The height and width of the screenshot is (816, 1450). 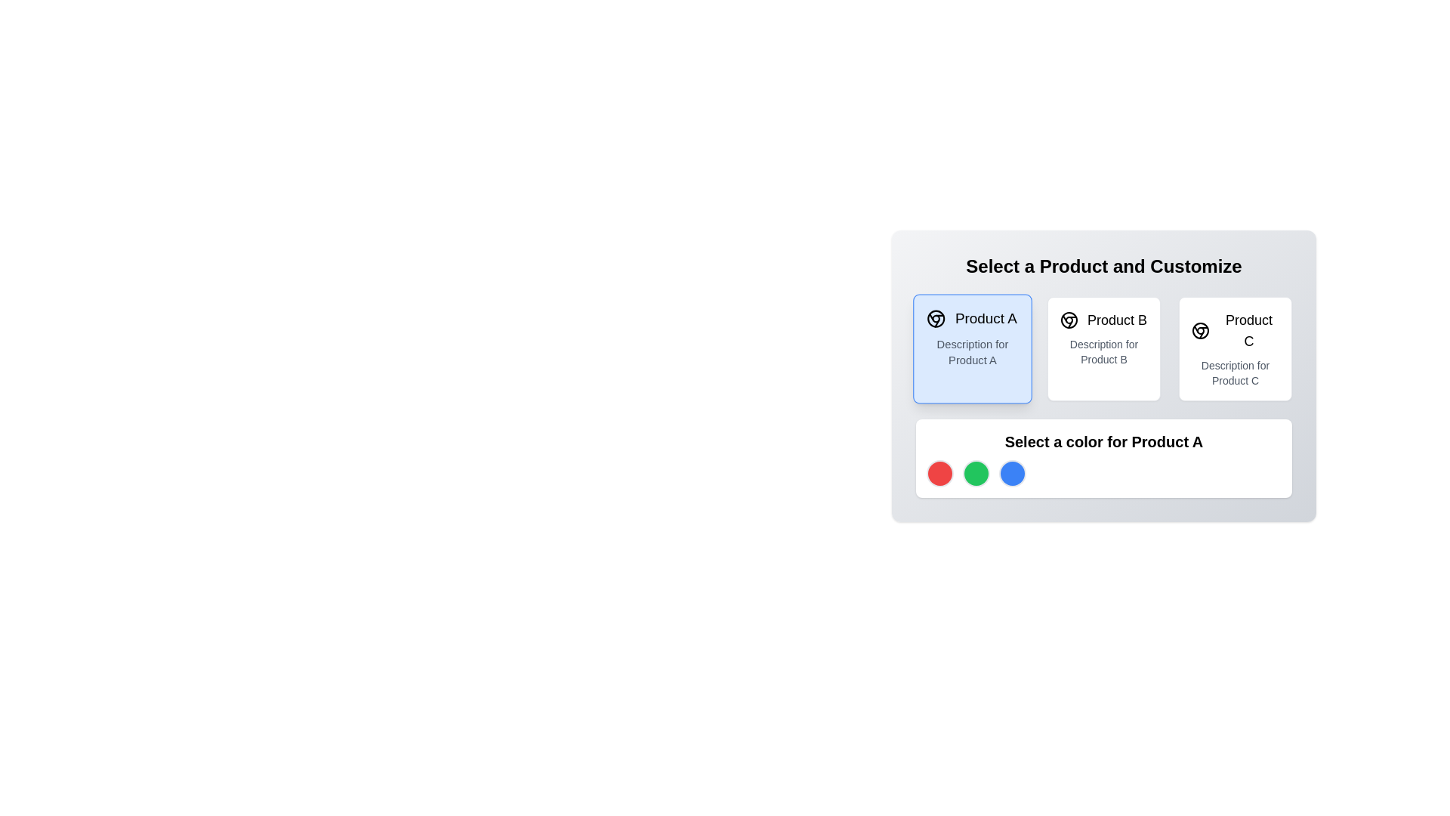 I want to click on text label that identifies 'Product C' in the third card of the product selection interface, so click(x=1249, y=330).